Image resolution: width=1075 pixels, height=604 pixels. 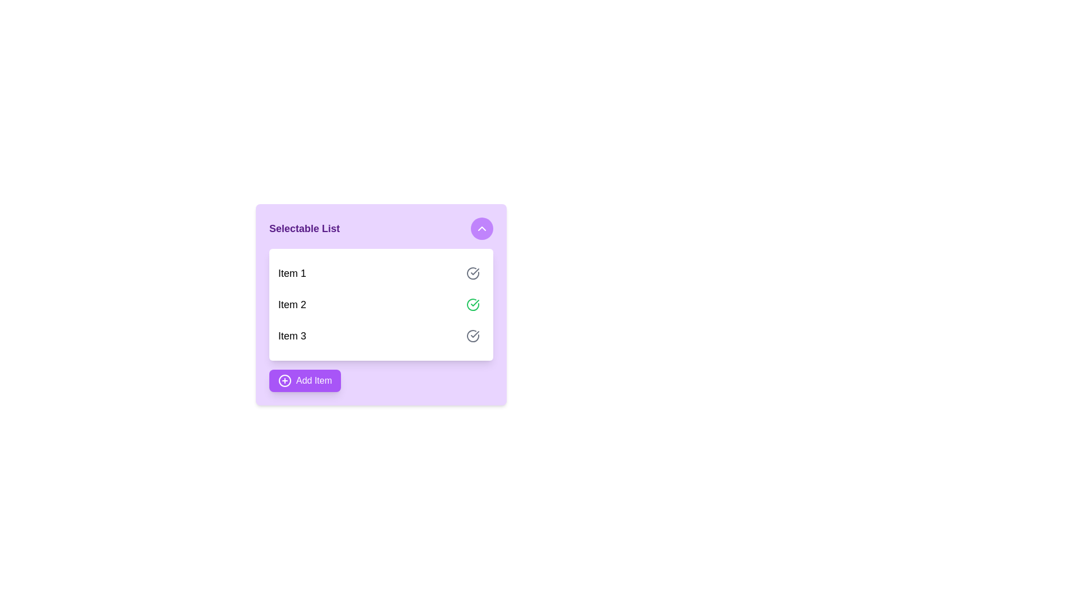 What do you see at coordinates (292, 273) in the screenshot?
I see `the text label displaying 'Item 1' in a bold font style, located at the top of a list within a purple box interface` at bounding box center [292, 273].